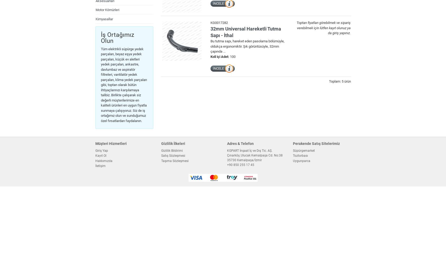  I want to click on 'Adres & Telefon', so click(240, 143).